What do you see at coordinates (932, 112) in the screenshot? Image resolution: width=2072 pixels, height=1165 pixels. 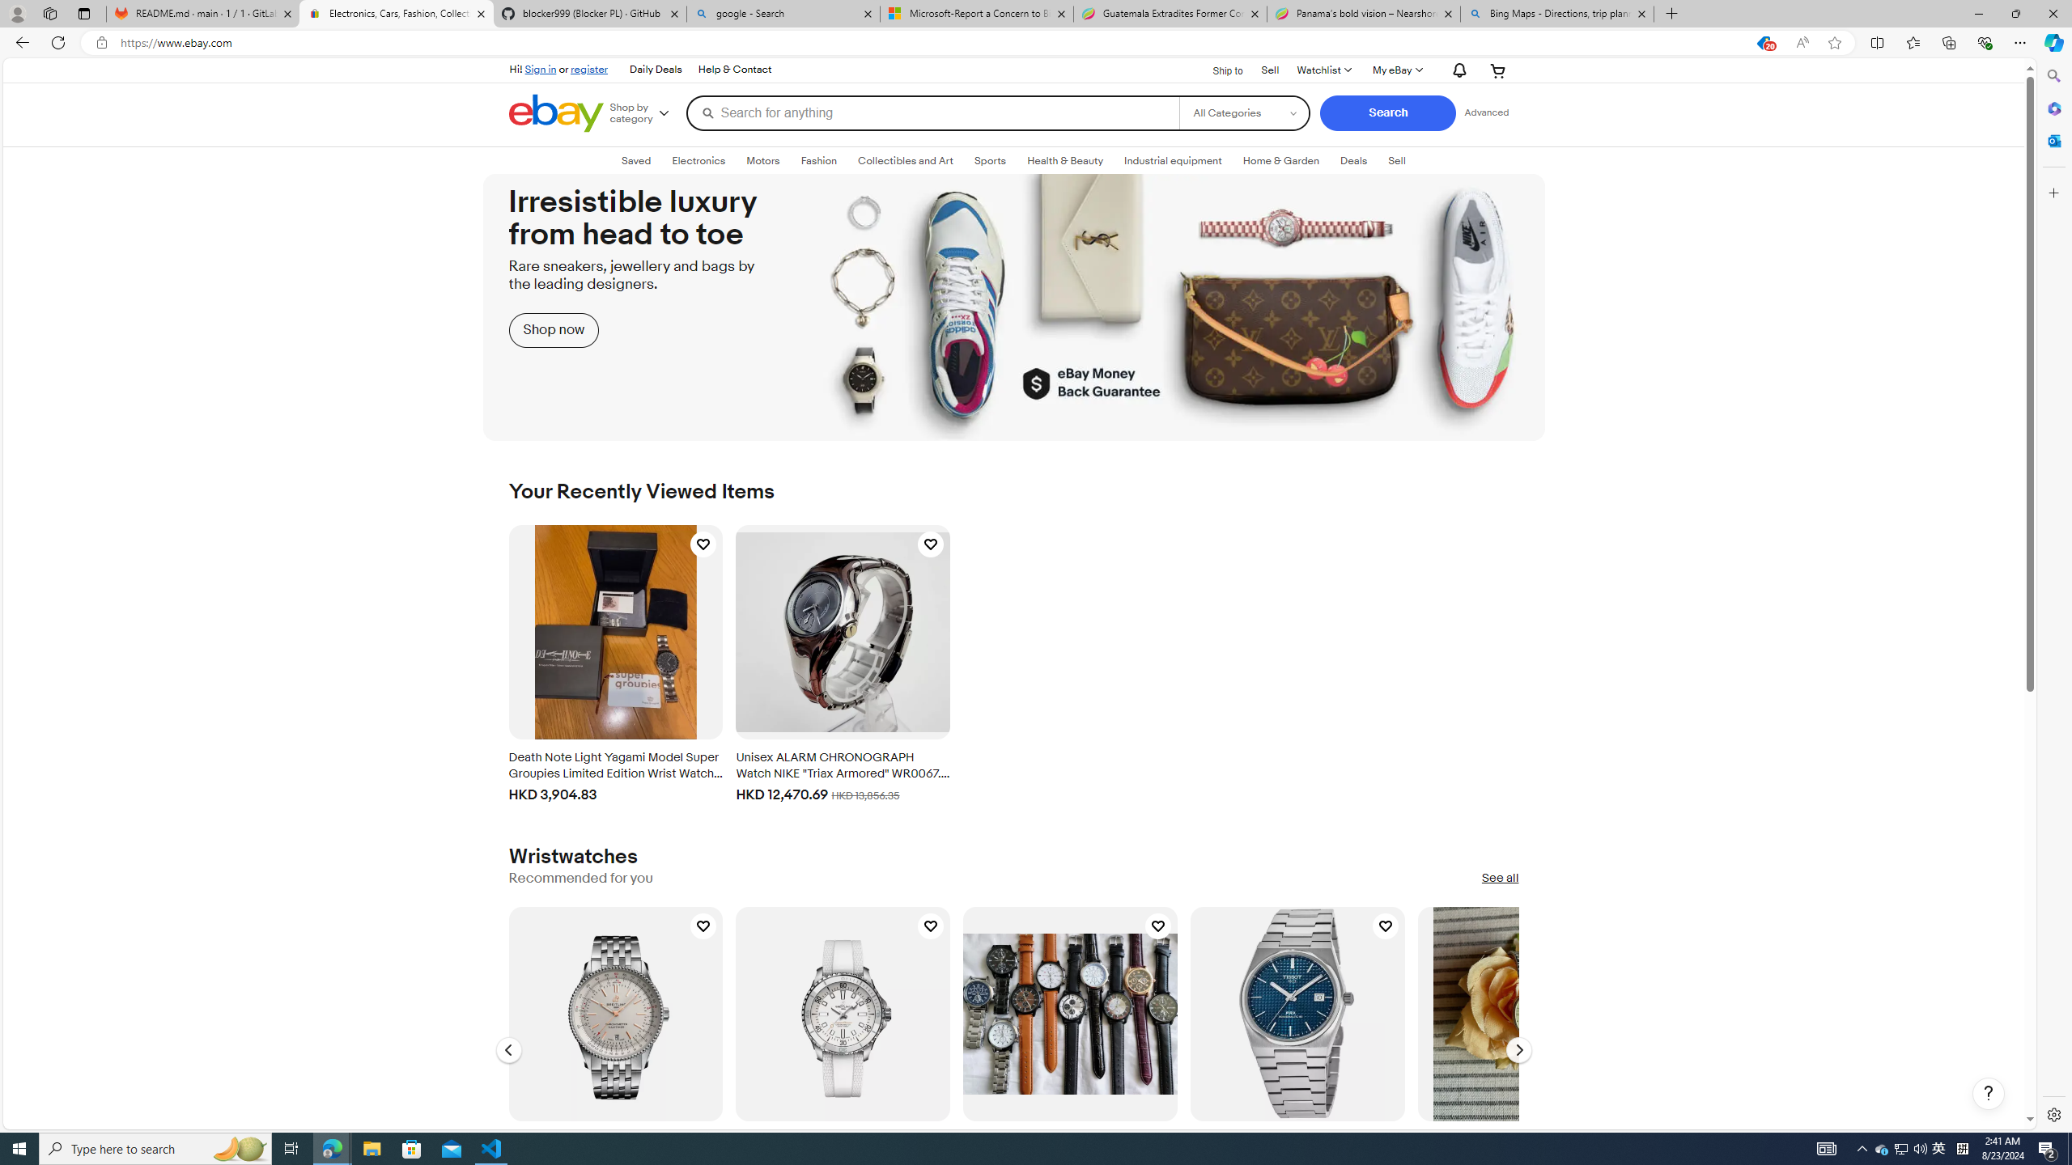 I see `'Search for anything'` at bounding box center [932, 112].